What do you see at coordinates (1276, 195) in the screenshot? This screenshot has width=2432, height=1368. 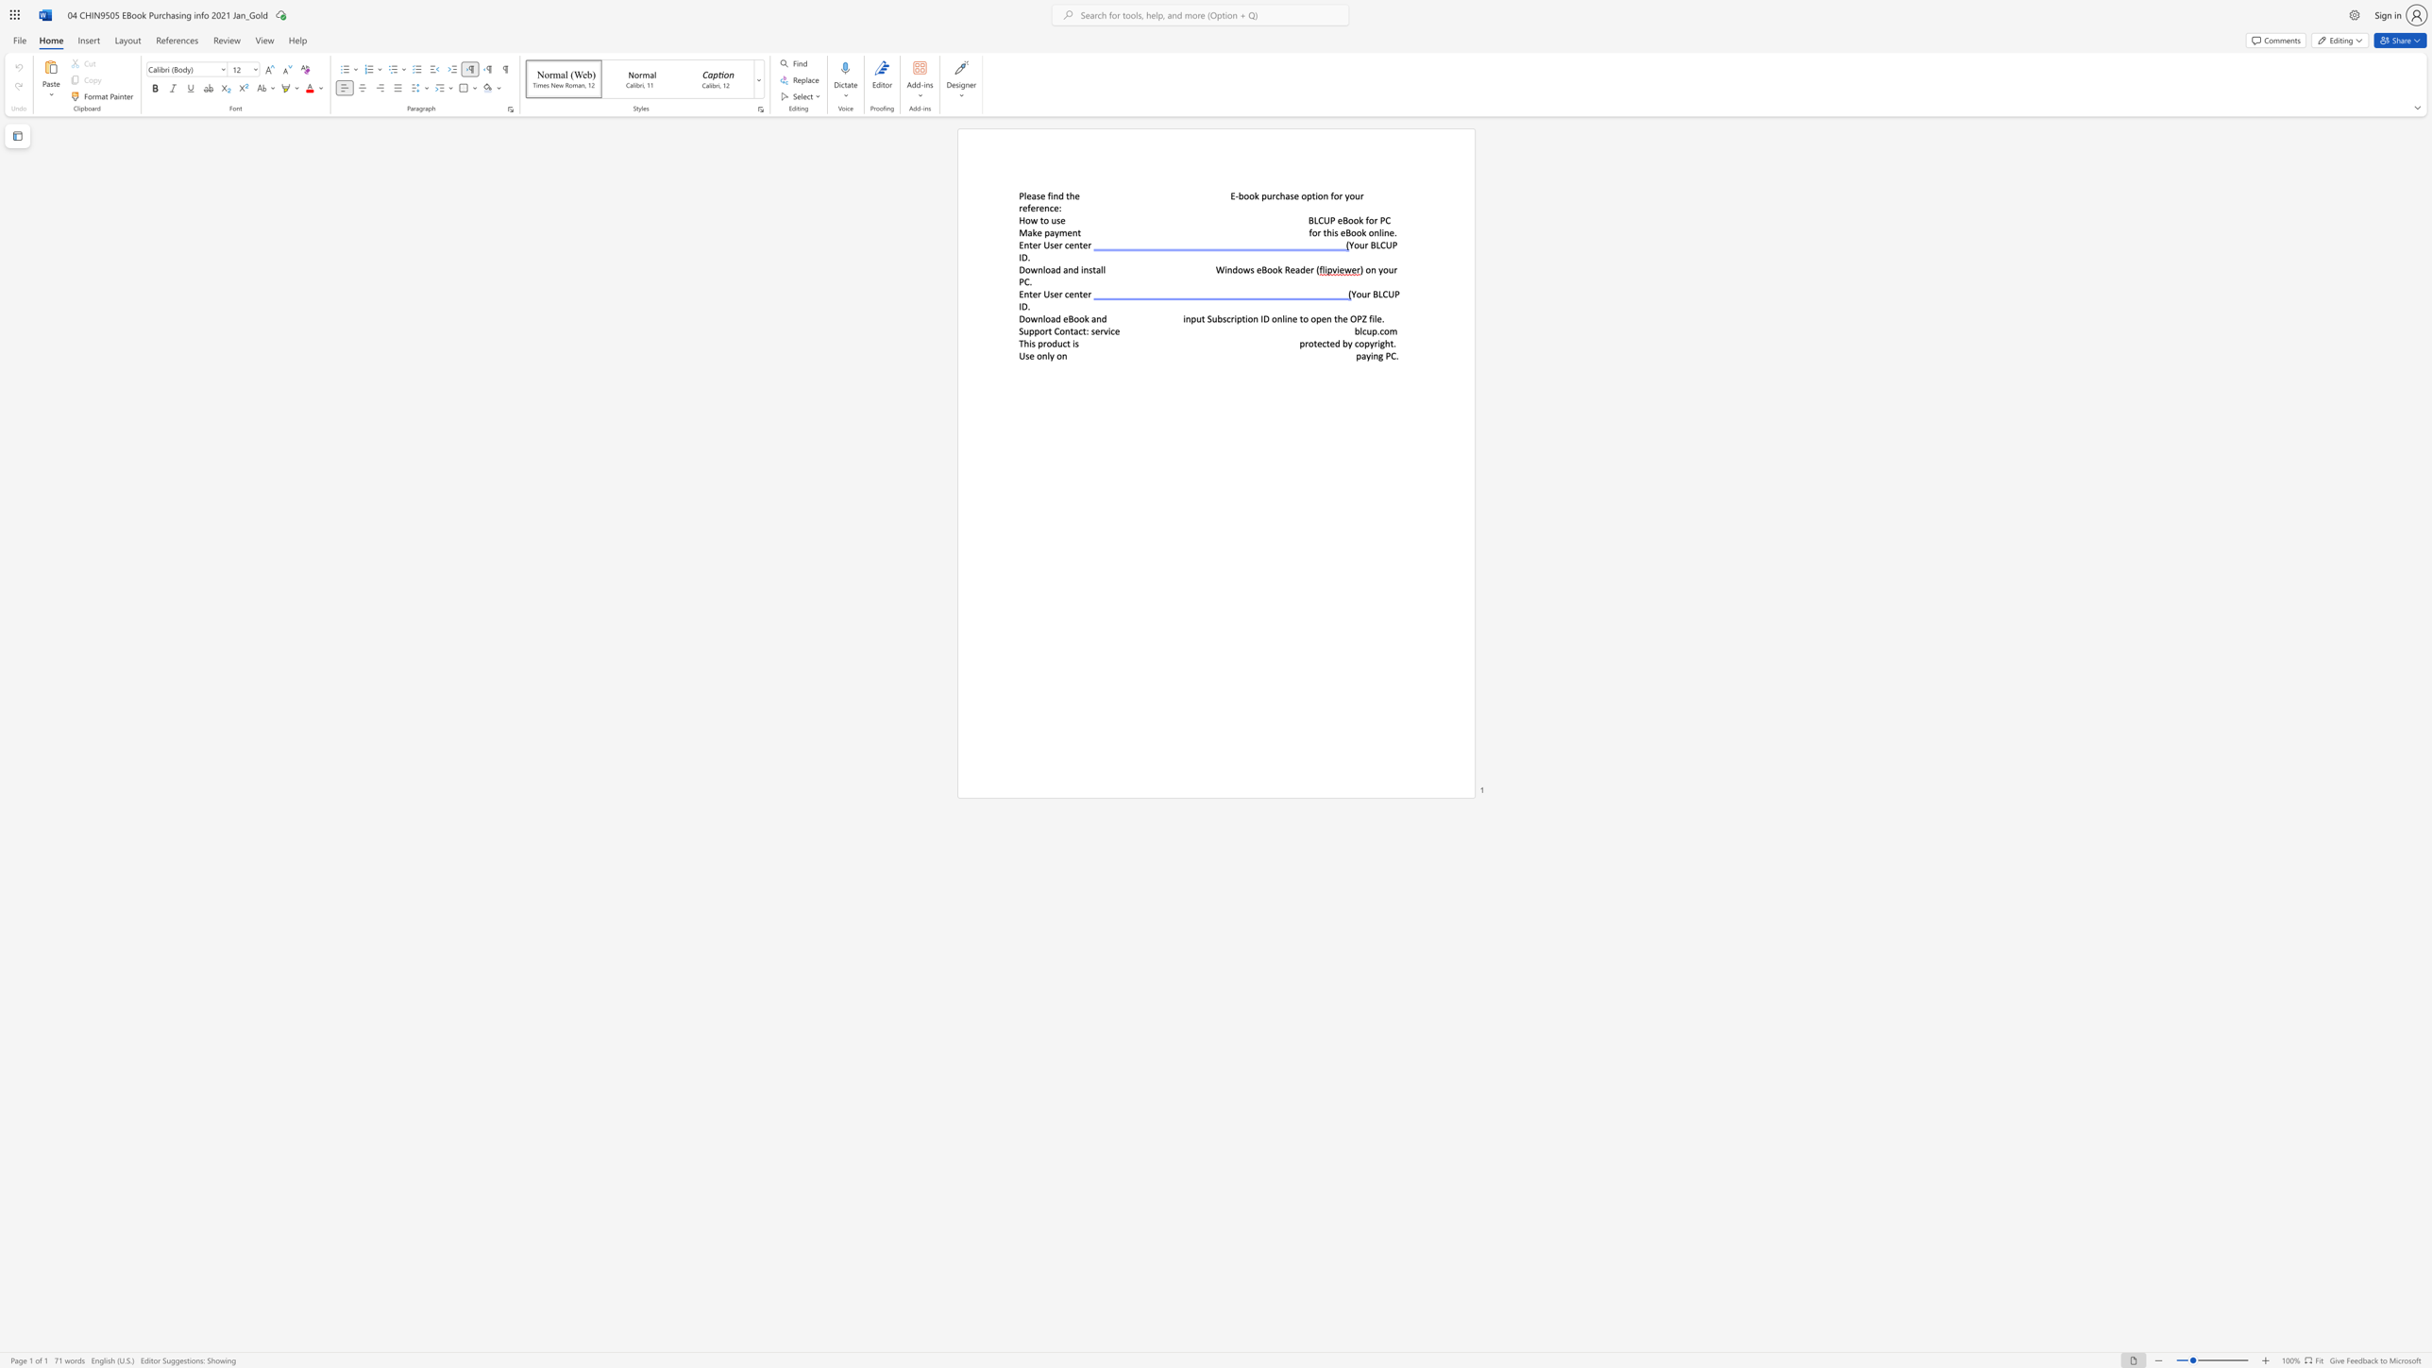 I see `the 1th character "c" in the text` at bounding box center [1276, 195].